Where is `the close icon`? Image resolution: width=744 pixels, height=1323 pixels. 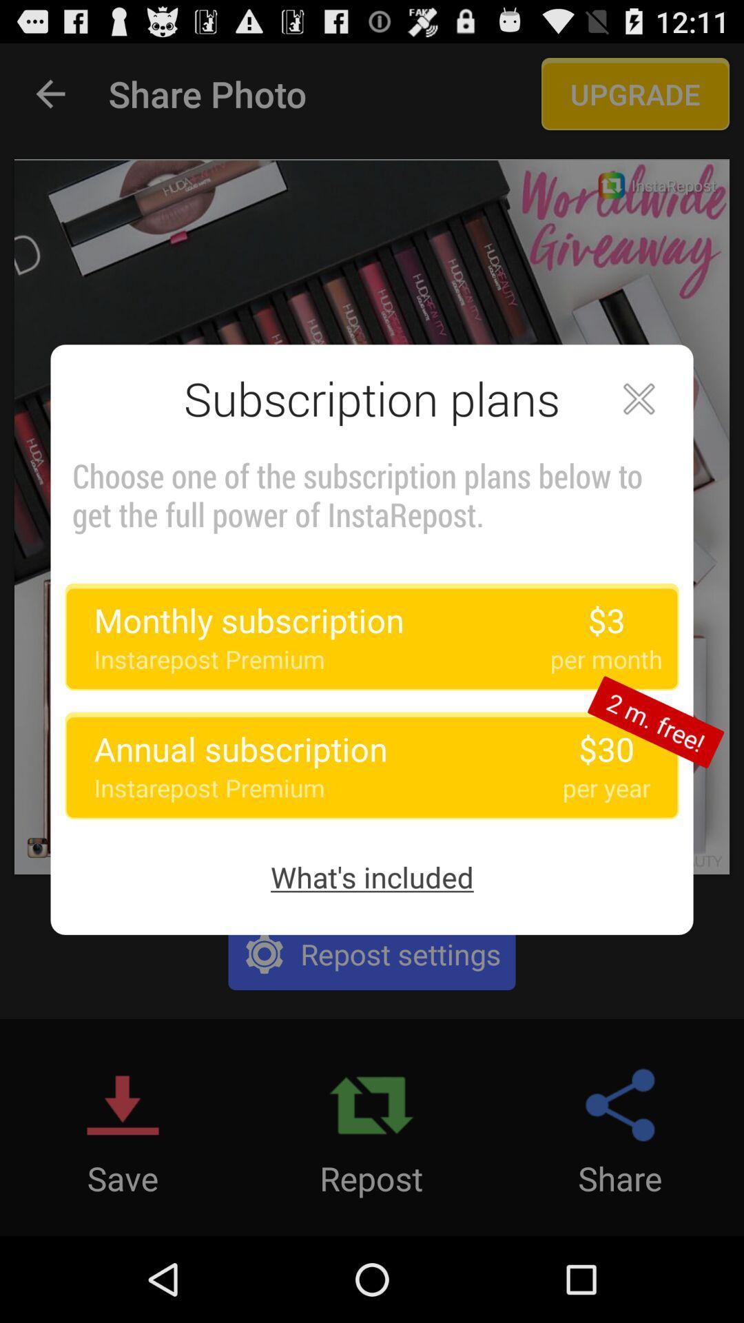
the close icon is located at coordinates (639, 426).